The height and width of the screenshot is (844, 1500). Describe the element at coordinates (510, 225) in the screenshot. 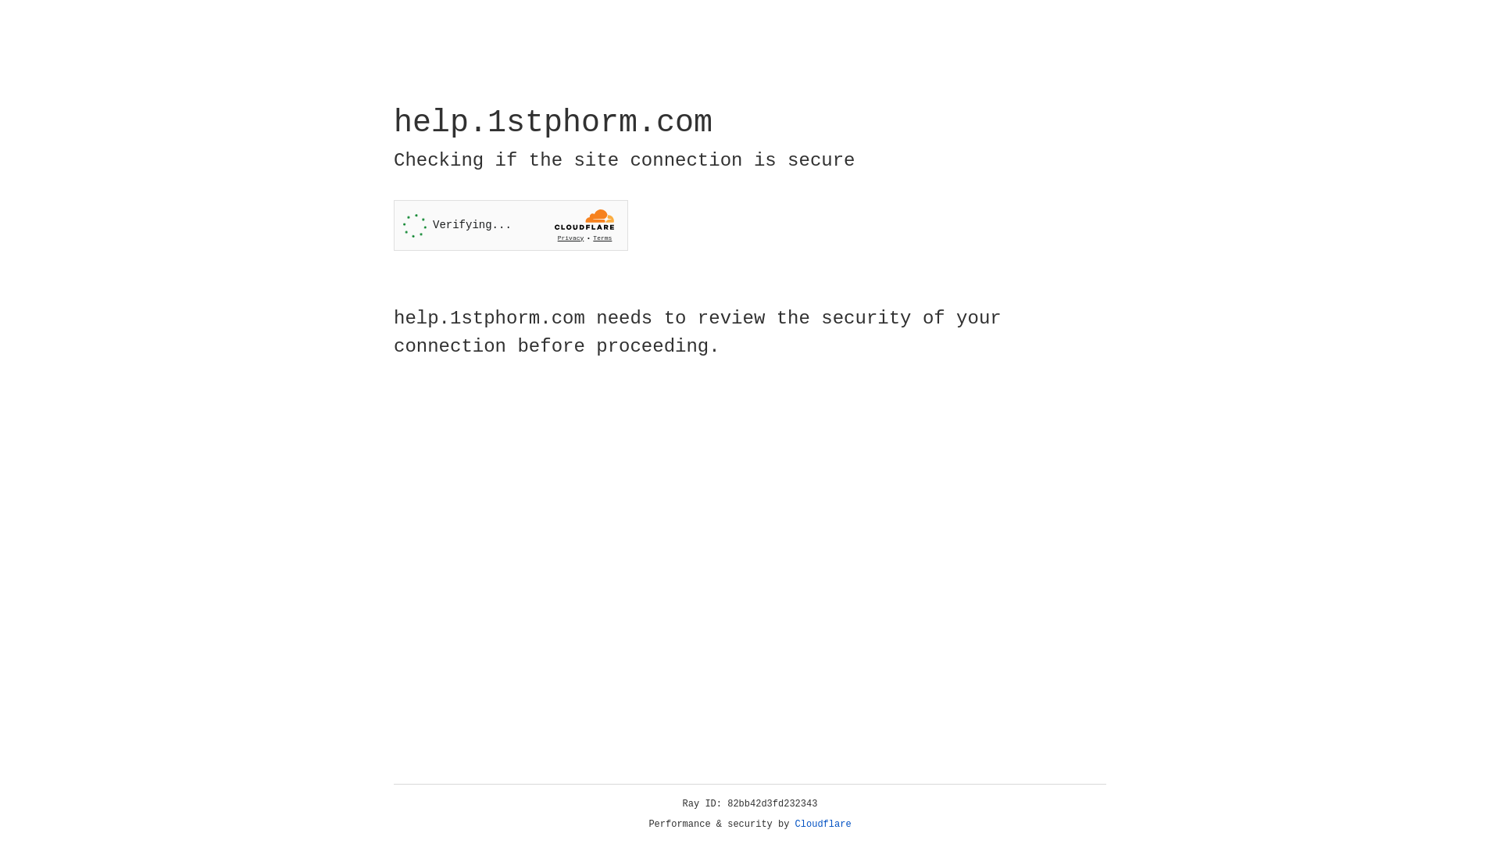

I see `'Widget containing a Cloudflare security challenge'` at that location.